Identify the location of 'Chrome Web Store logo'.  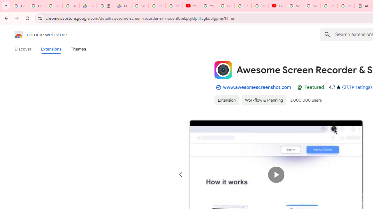
(19, 35).